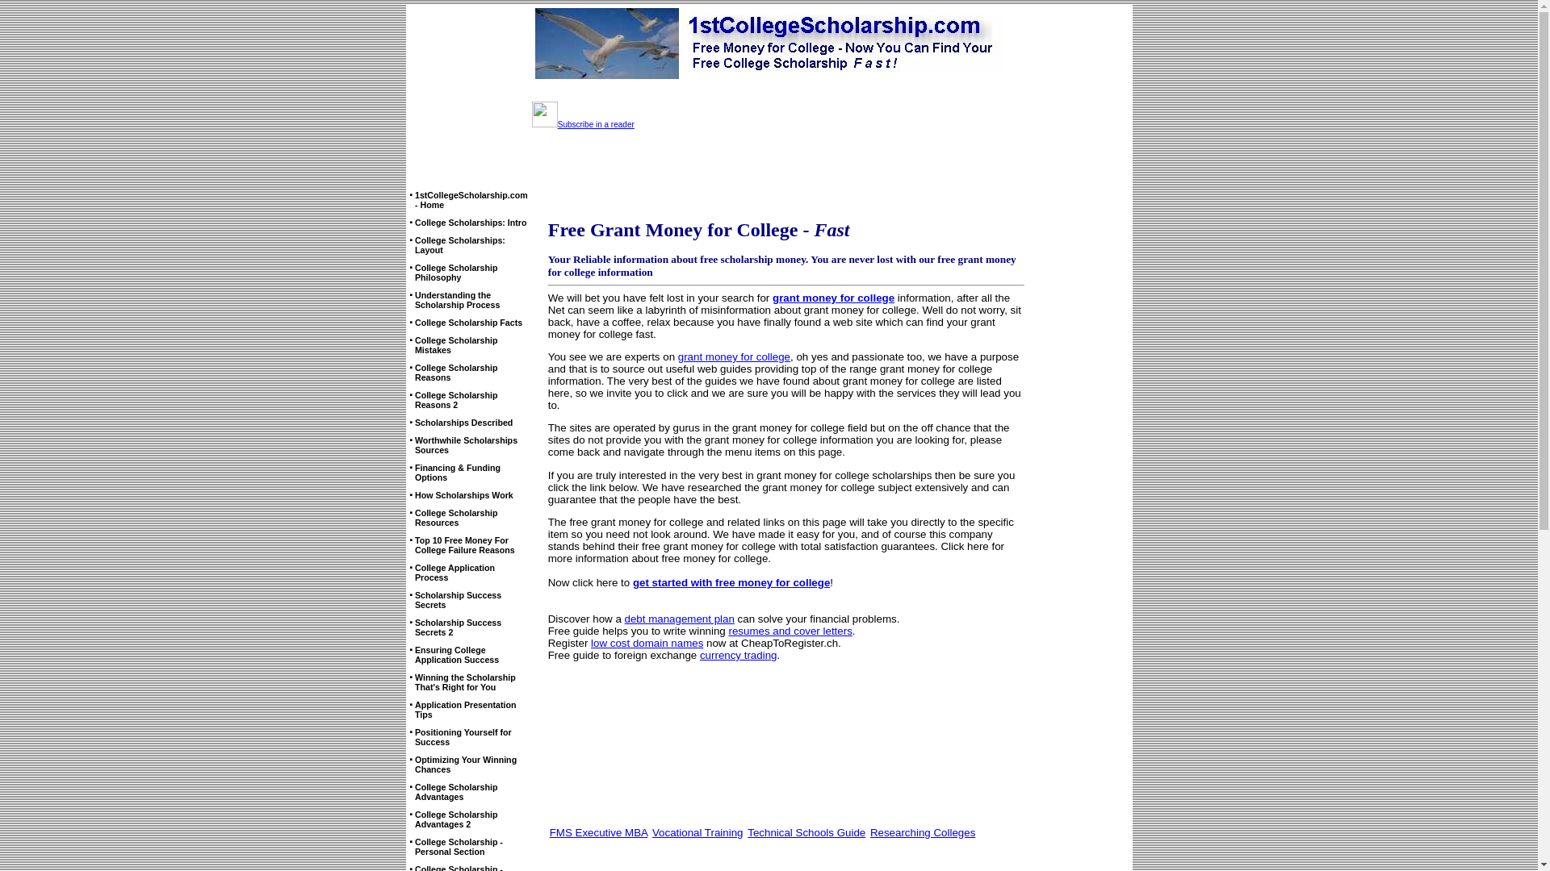  What do you see at coordinates (463, 494) in the screenshot?
I see `'How Scholarships Work'` at bounding box center [463, 494].